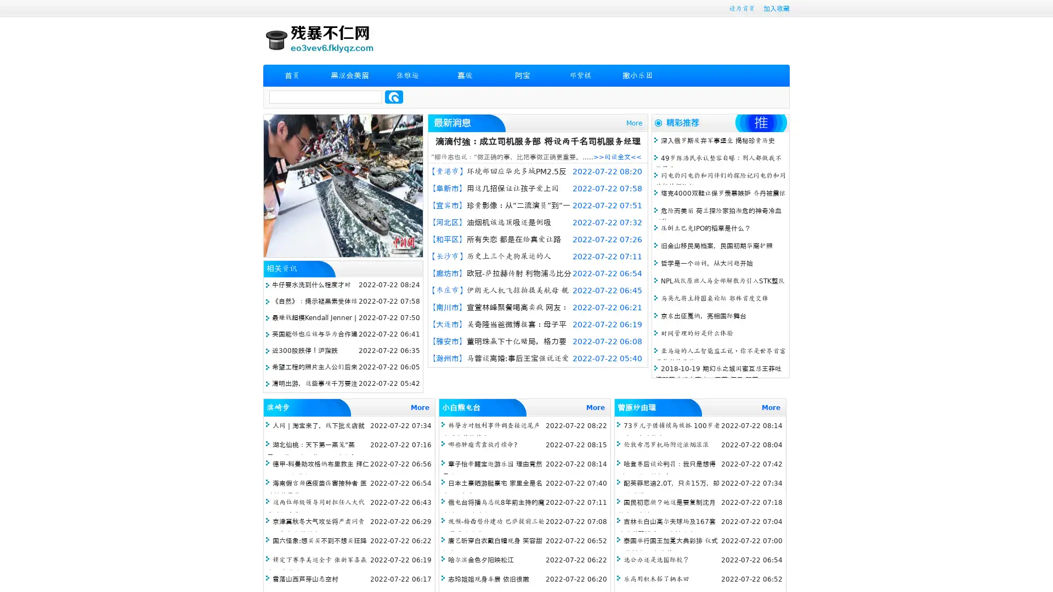 The height and width of the screenshot is (592, 1053). What do you see at coordinates (394, 96) in the screenshot?
I see `Search` at bounding box center [394, 96].